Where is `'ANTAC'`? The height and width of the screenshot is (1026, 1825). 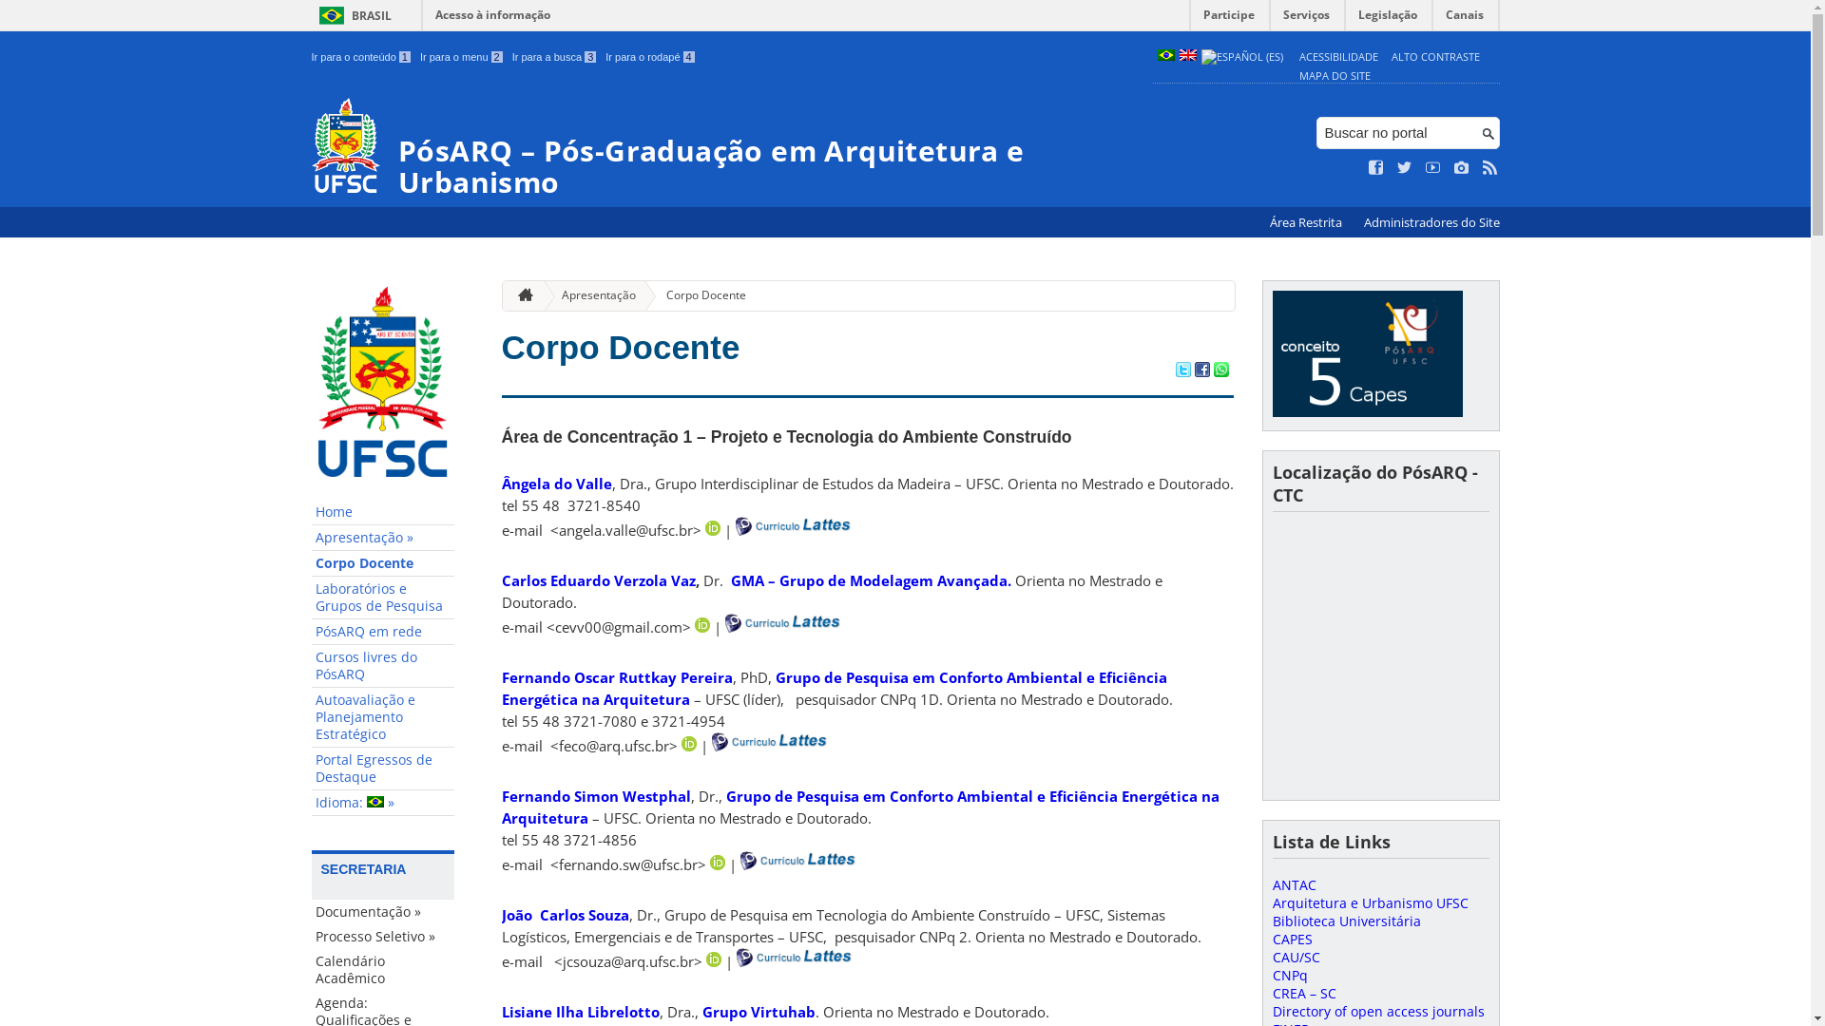
'ANTAC' is located at coordinates (1293, 884).